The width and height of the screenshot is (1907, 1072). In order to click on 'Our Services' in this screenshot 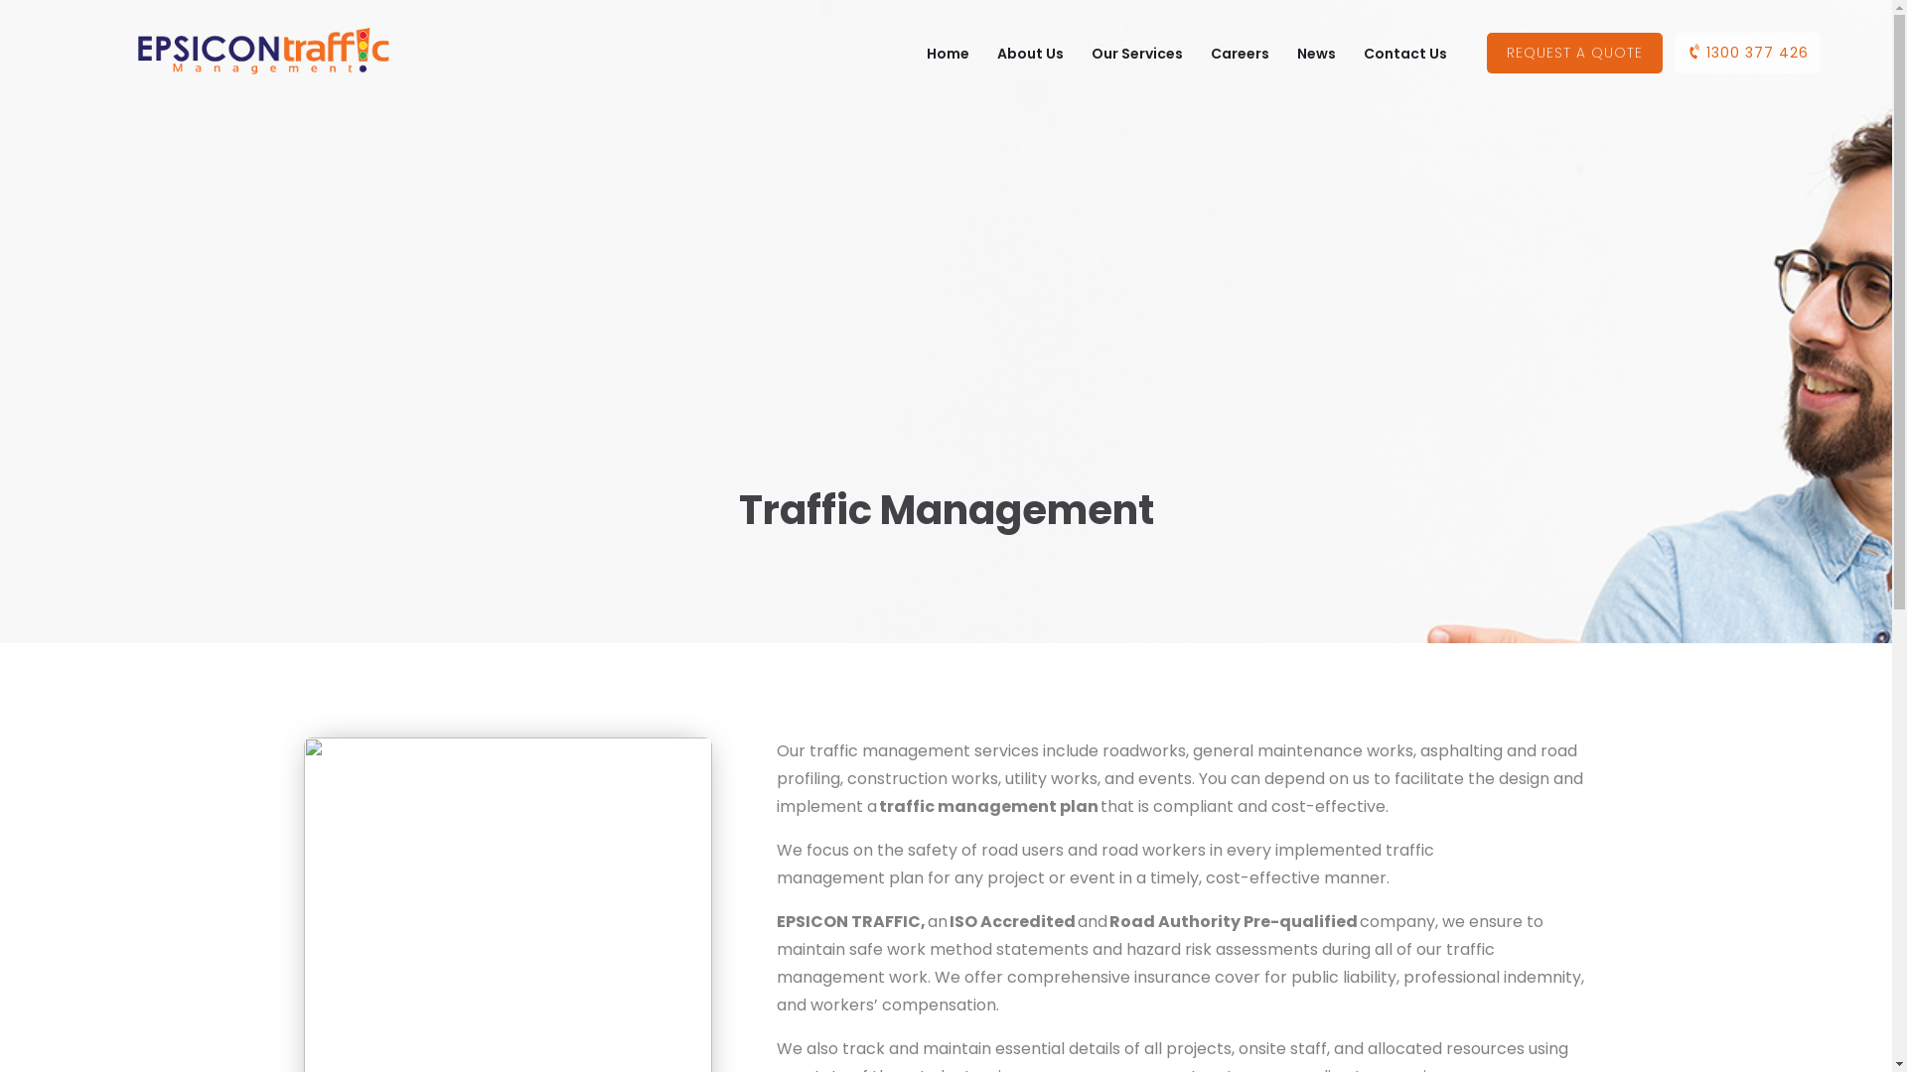, I will do `click(1137, 53)`.